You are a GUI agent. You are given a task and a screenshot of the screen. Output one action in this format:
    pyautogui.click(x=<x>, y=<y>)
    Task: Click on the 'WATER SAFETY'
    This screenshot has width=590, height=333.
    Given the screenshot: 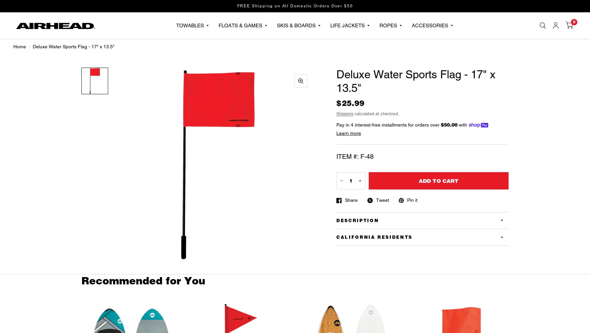 What is the action you would take?
    pyautogui.click(x=505, y=112)
    